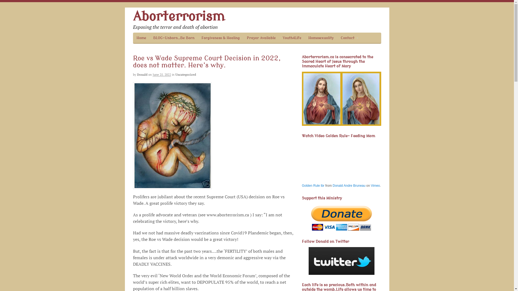  I want to click on 'Donald', so click(142, 75).